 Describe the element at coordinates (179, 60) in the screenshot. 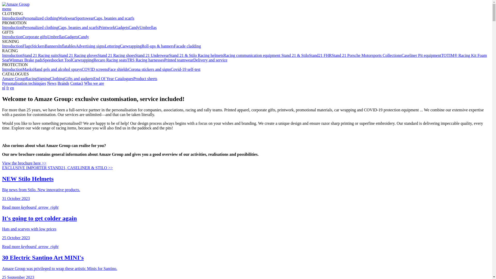

I see `'Printed teamwear'` at that location.